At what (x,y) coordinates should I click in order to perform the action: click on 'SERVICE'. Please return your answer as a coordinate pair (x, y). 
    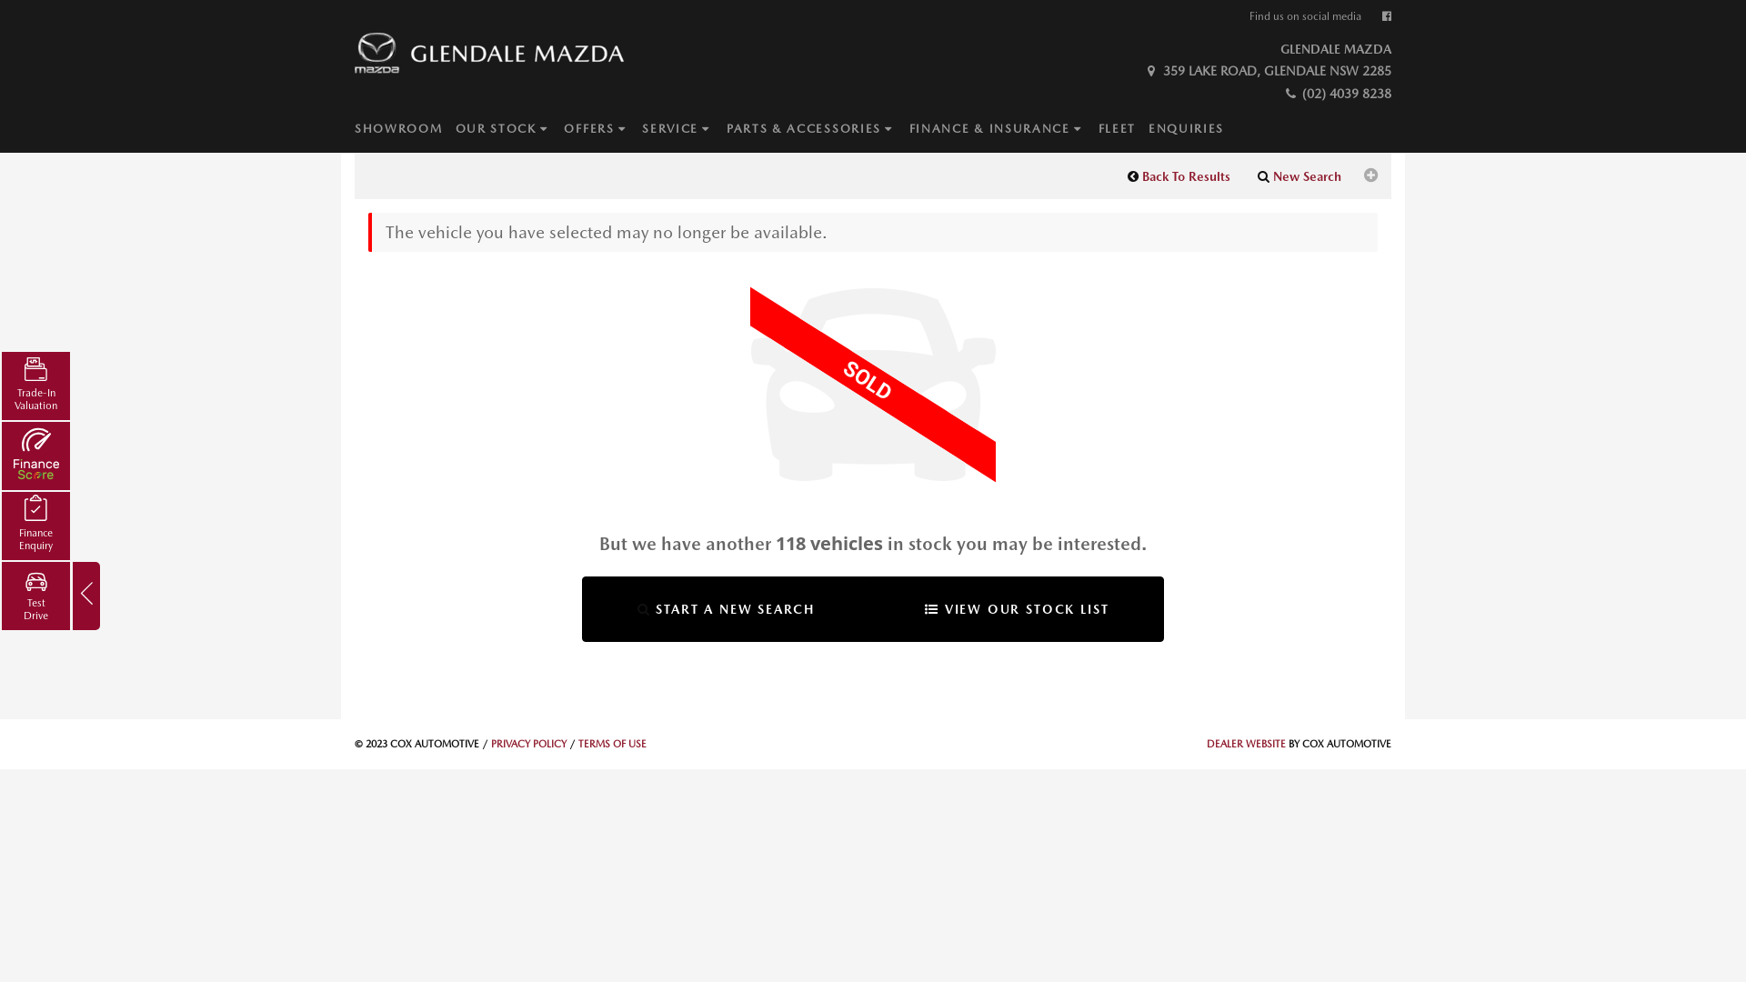
    Looking at the image, I should click on (641, 128).